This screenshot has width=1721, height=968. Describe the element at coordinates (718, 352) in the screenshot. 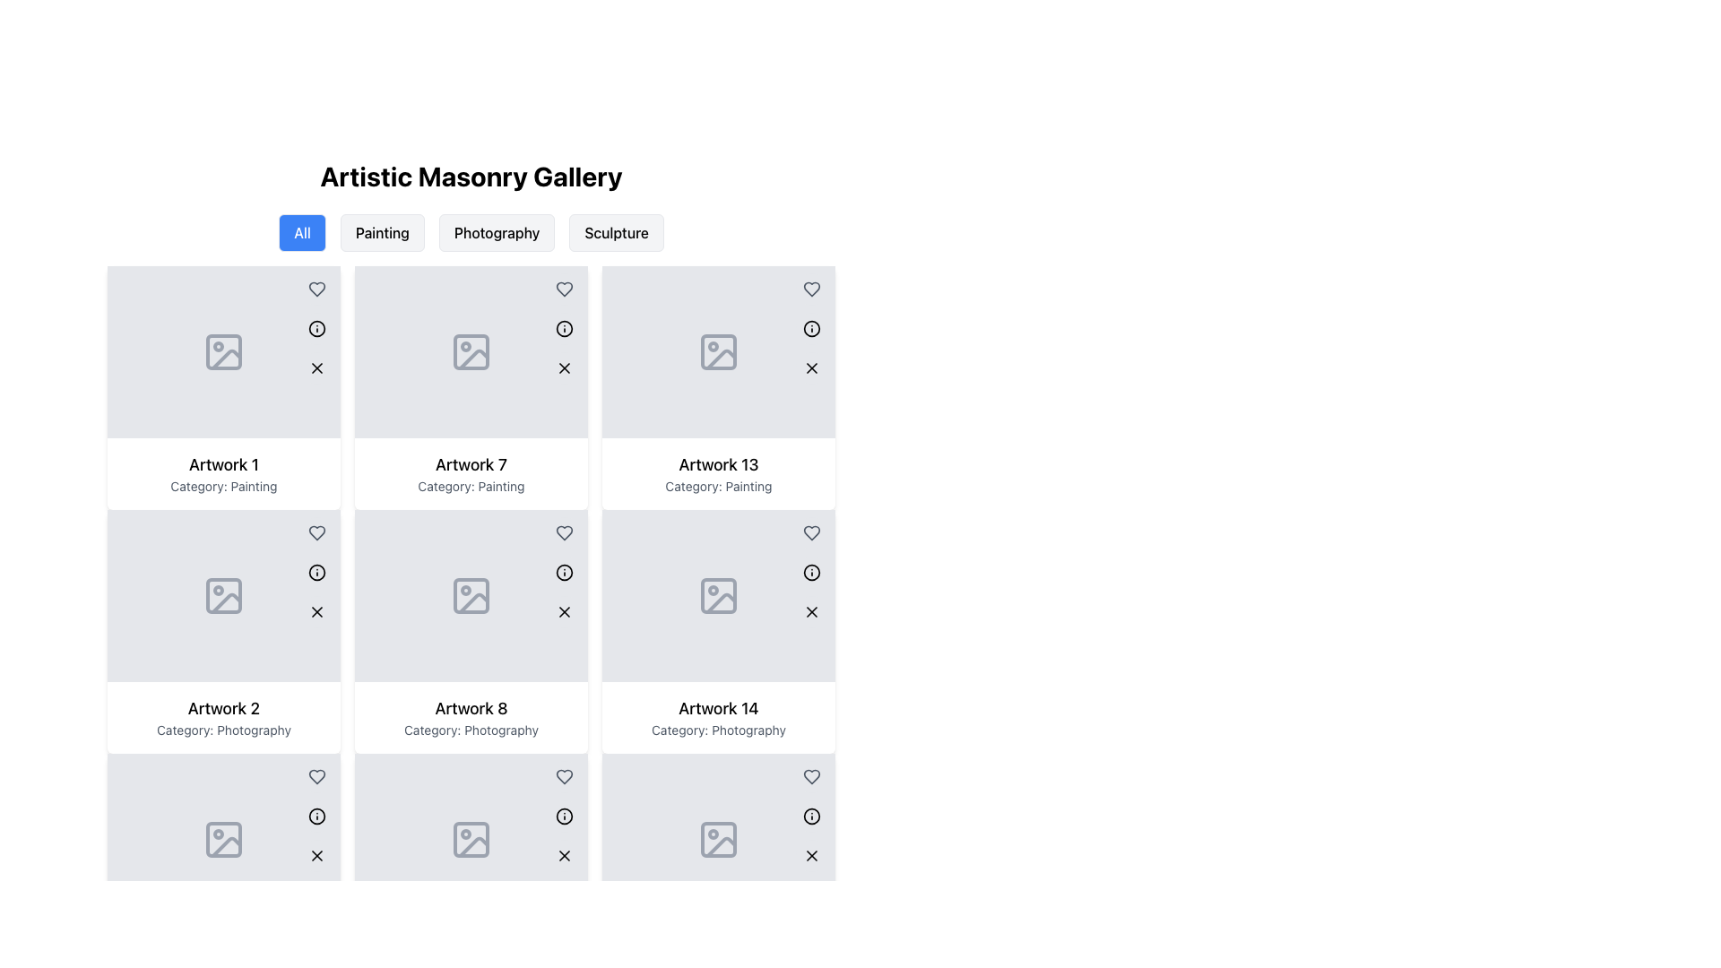

I see `the Image Placeholder located at the top-left corner inside the card labeled 'Artwork 13, Category: Painting,' which is the third card in the second row of the grid layout` at that location.